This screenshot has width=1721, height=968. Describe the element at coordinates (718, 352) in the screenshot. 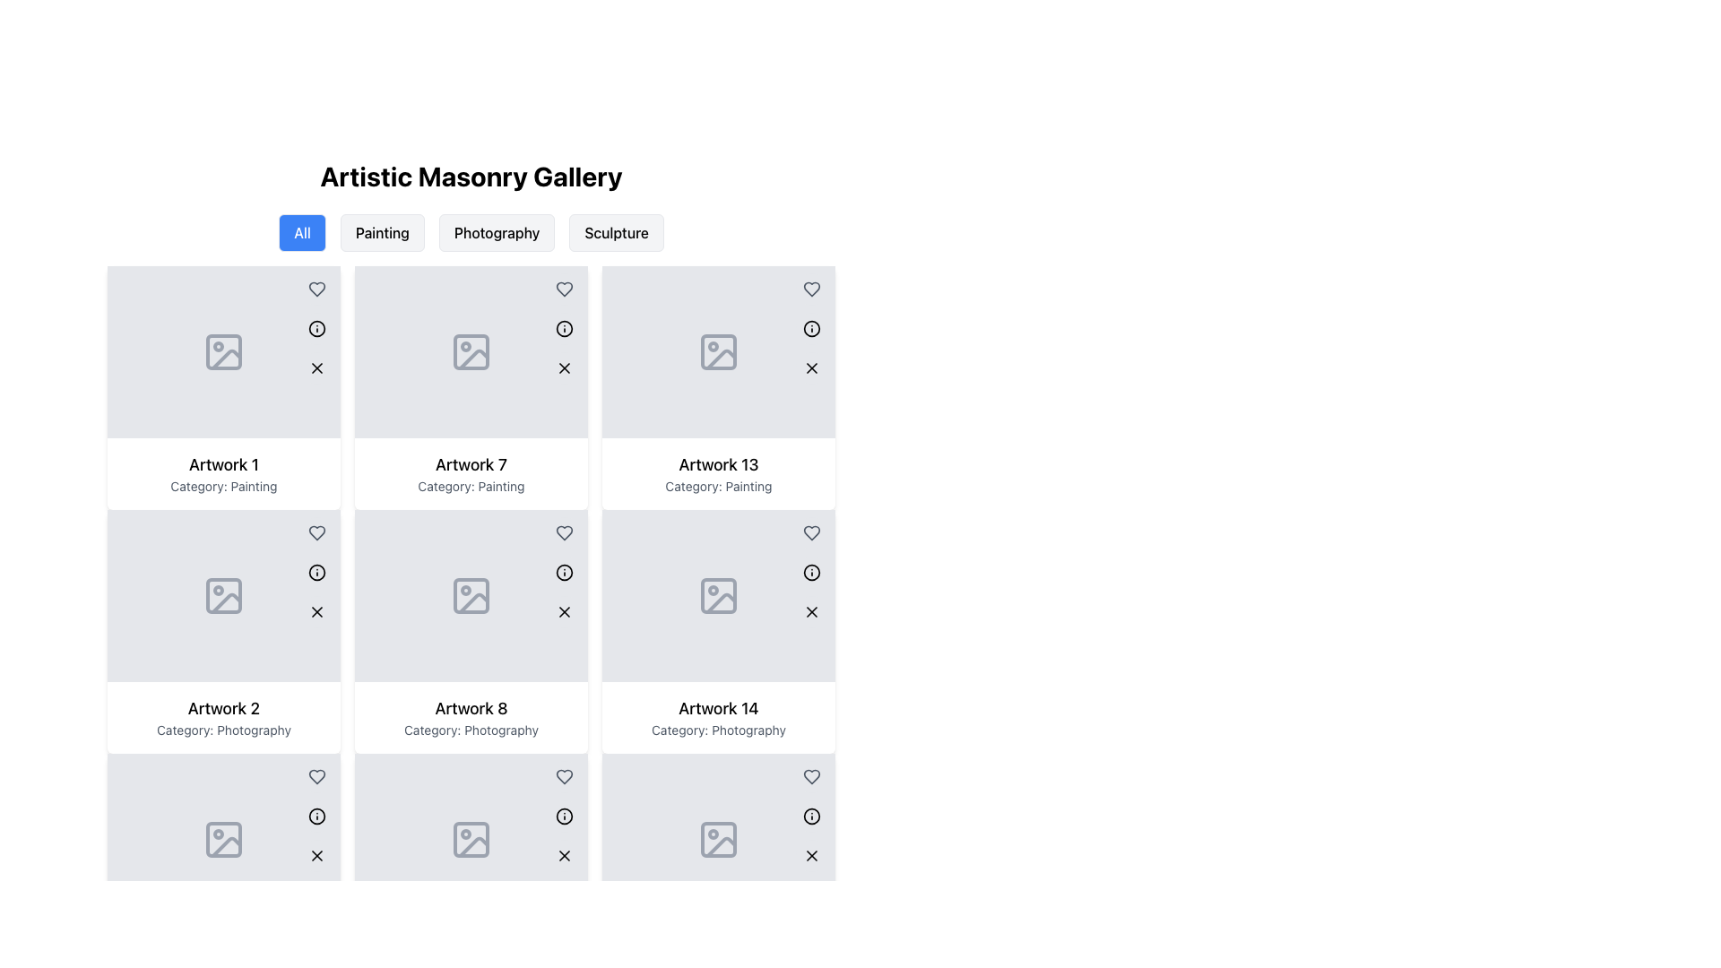

I see `the Image Placeholder located at the top-left corner inside the card labeled 'Artwork 13, Category: Painting,' which is the third card in the second row of the grid layout` at that location.